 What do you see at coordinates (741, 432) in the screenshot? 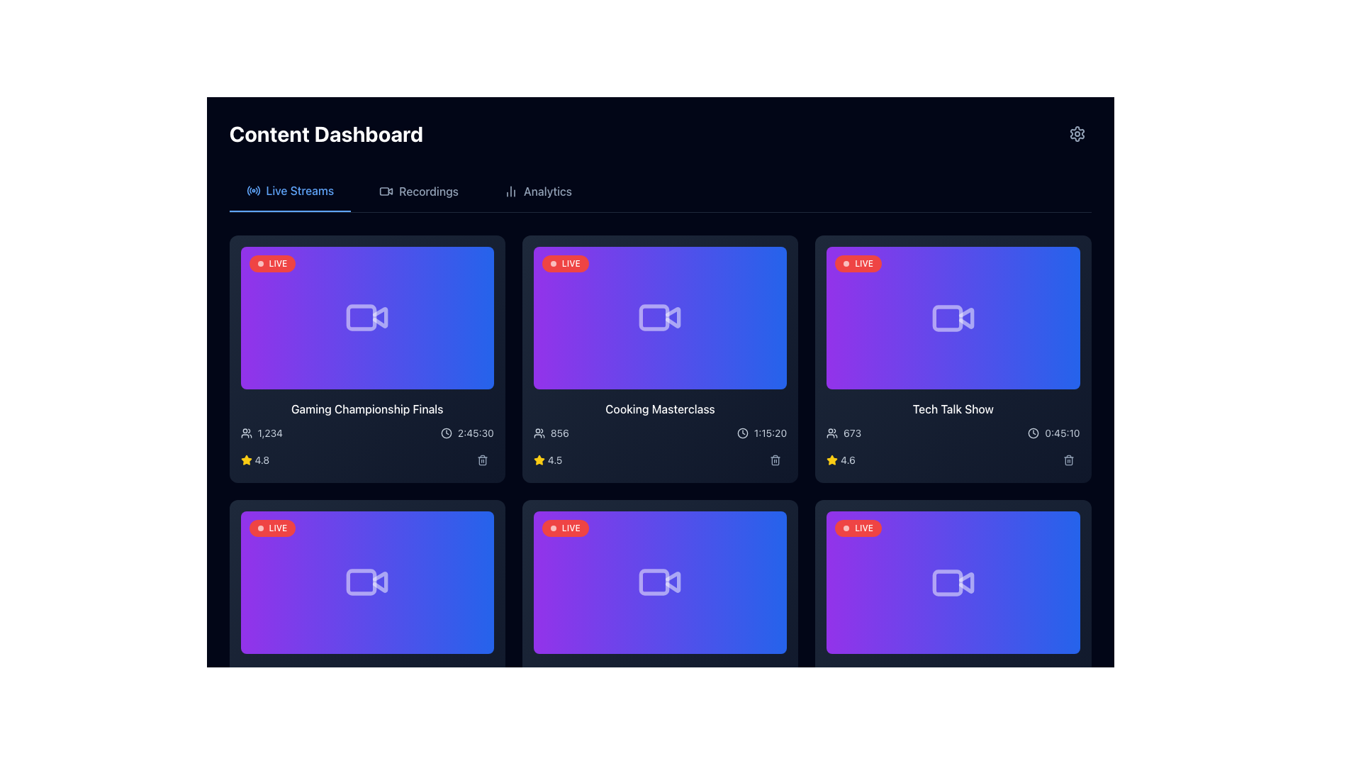
I see `the circular clock icon representing the 'Cooking Masterclass' live stream, located in the middle section of the dashboard interface` at bounding box center [741, 432].